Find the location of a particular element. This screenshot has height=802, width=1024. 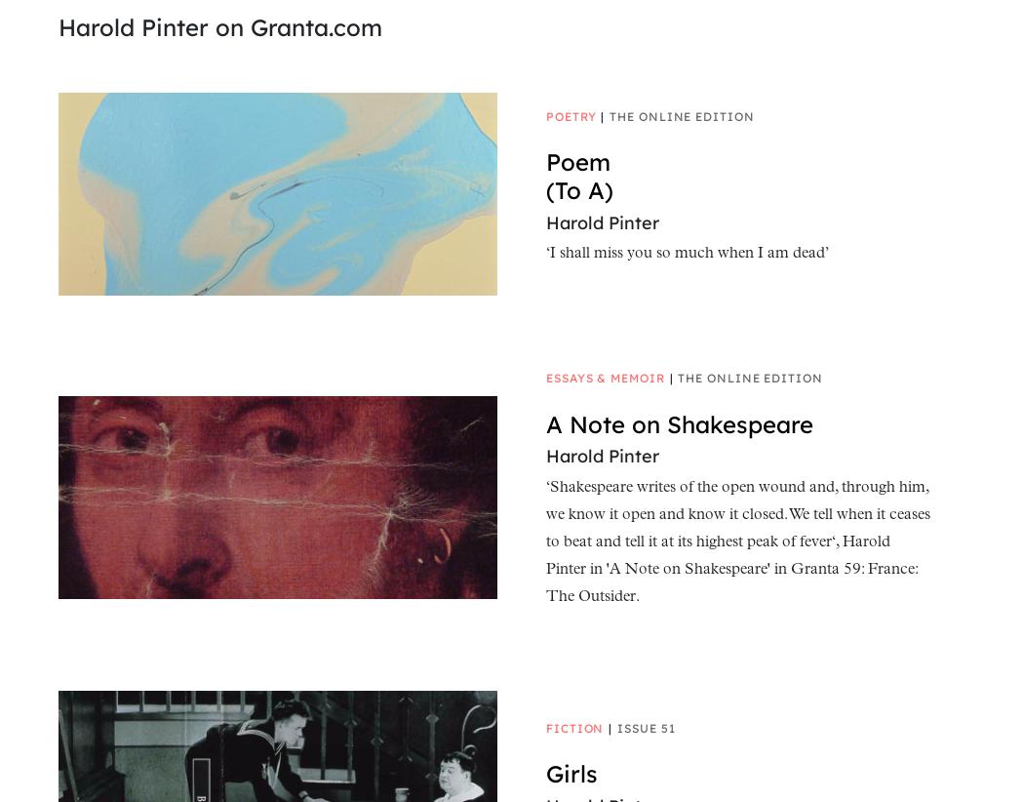

'‘Shakespeare writes of the open wound and, through him, we know it open and know it closed. We tell when it ceases to beat and tell it at its highest peak of fever‘, Harold Pinter in 'A Note on Shakespeare' in Granta 59: France: The Outsider.' is located at coordinates (545, 542).